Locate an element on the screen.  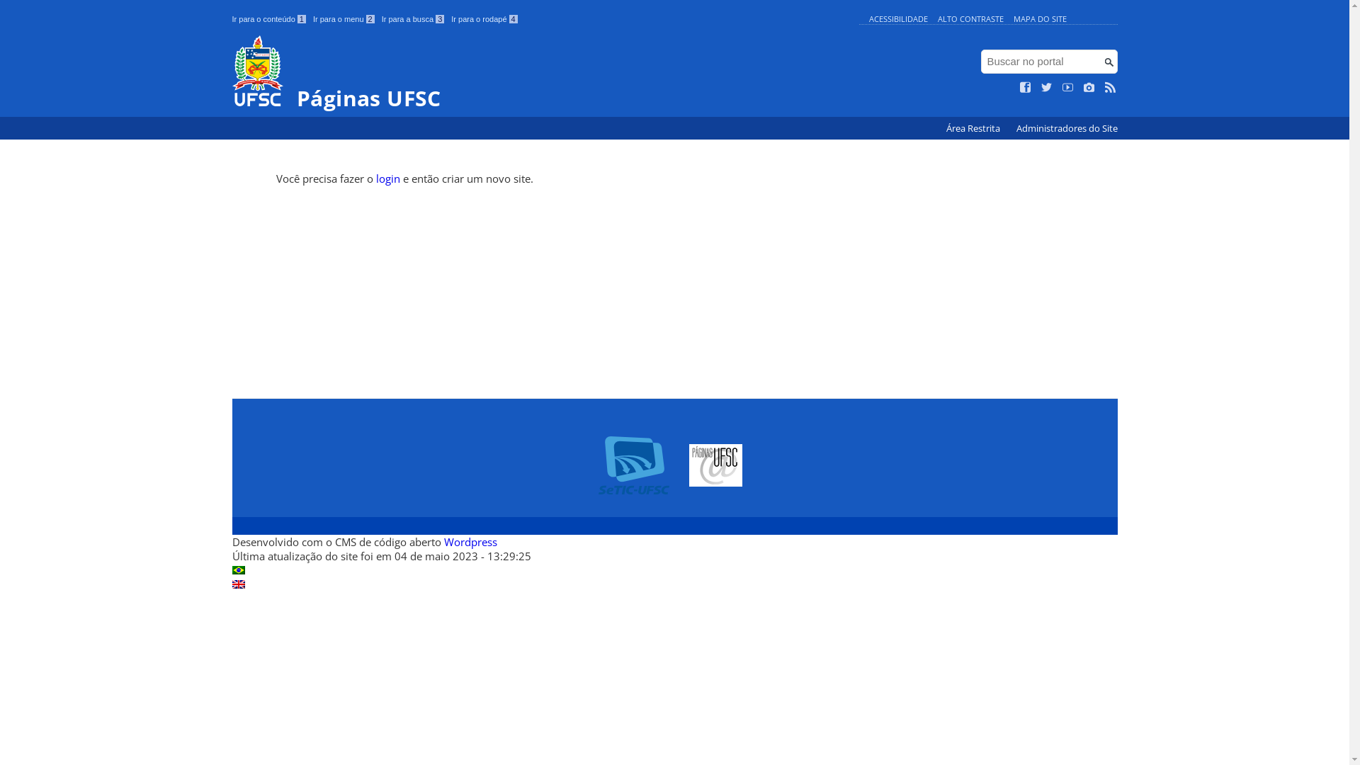
'Wordpress' is located at coordinates (470, 541).